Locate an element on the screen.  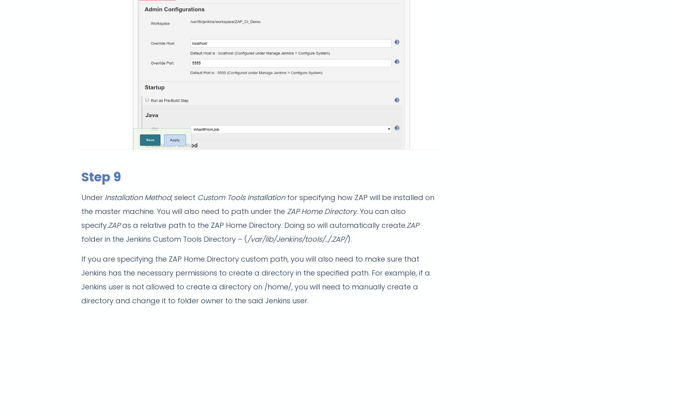
'folder in the Jenkins Custom Tools Directory – (' is located at coordinates (164, 239).